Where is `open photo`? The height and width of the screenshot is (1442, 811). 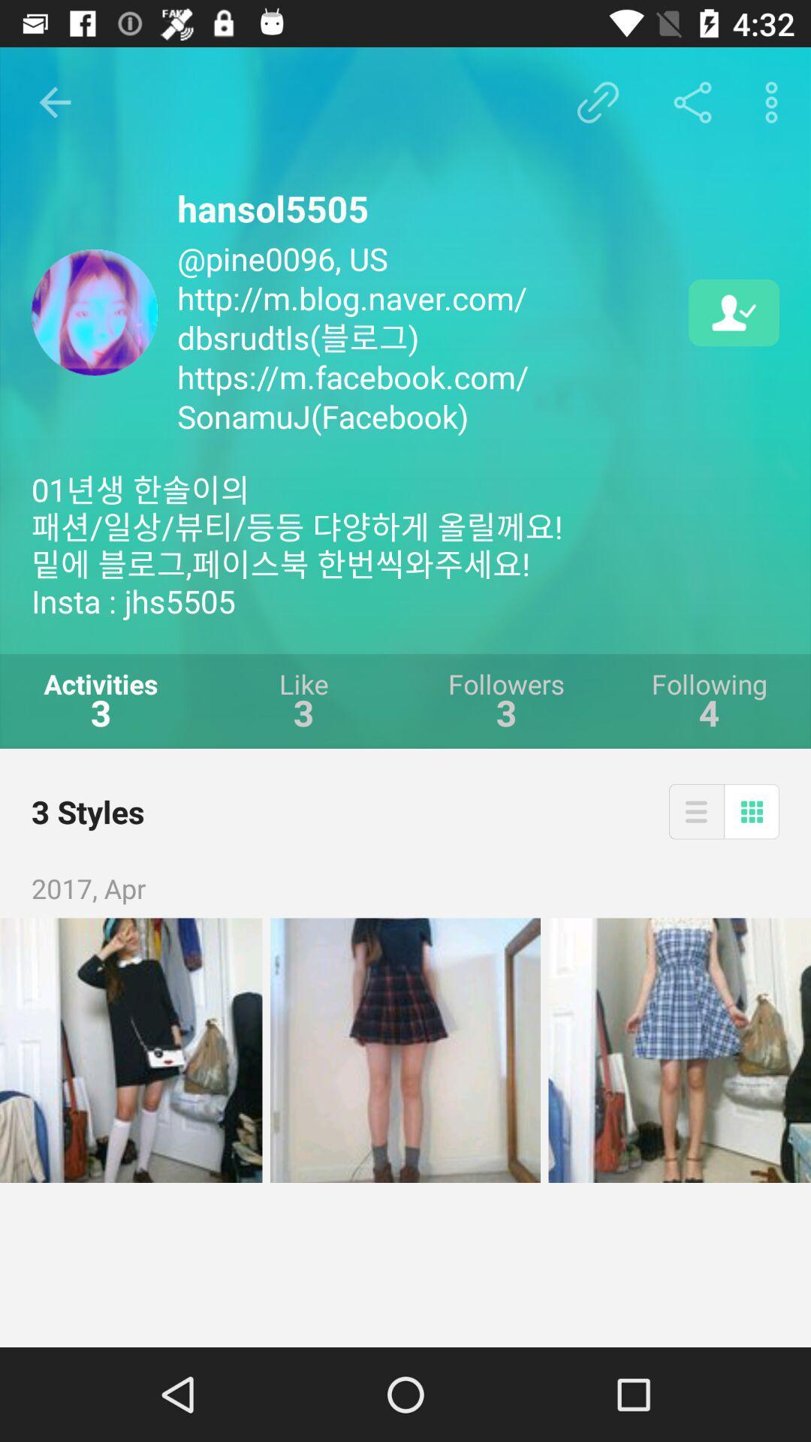
open photo is located at coordinates (130, 1049).